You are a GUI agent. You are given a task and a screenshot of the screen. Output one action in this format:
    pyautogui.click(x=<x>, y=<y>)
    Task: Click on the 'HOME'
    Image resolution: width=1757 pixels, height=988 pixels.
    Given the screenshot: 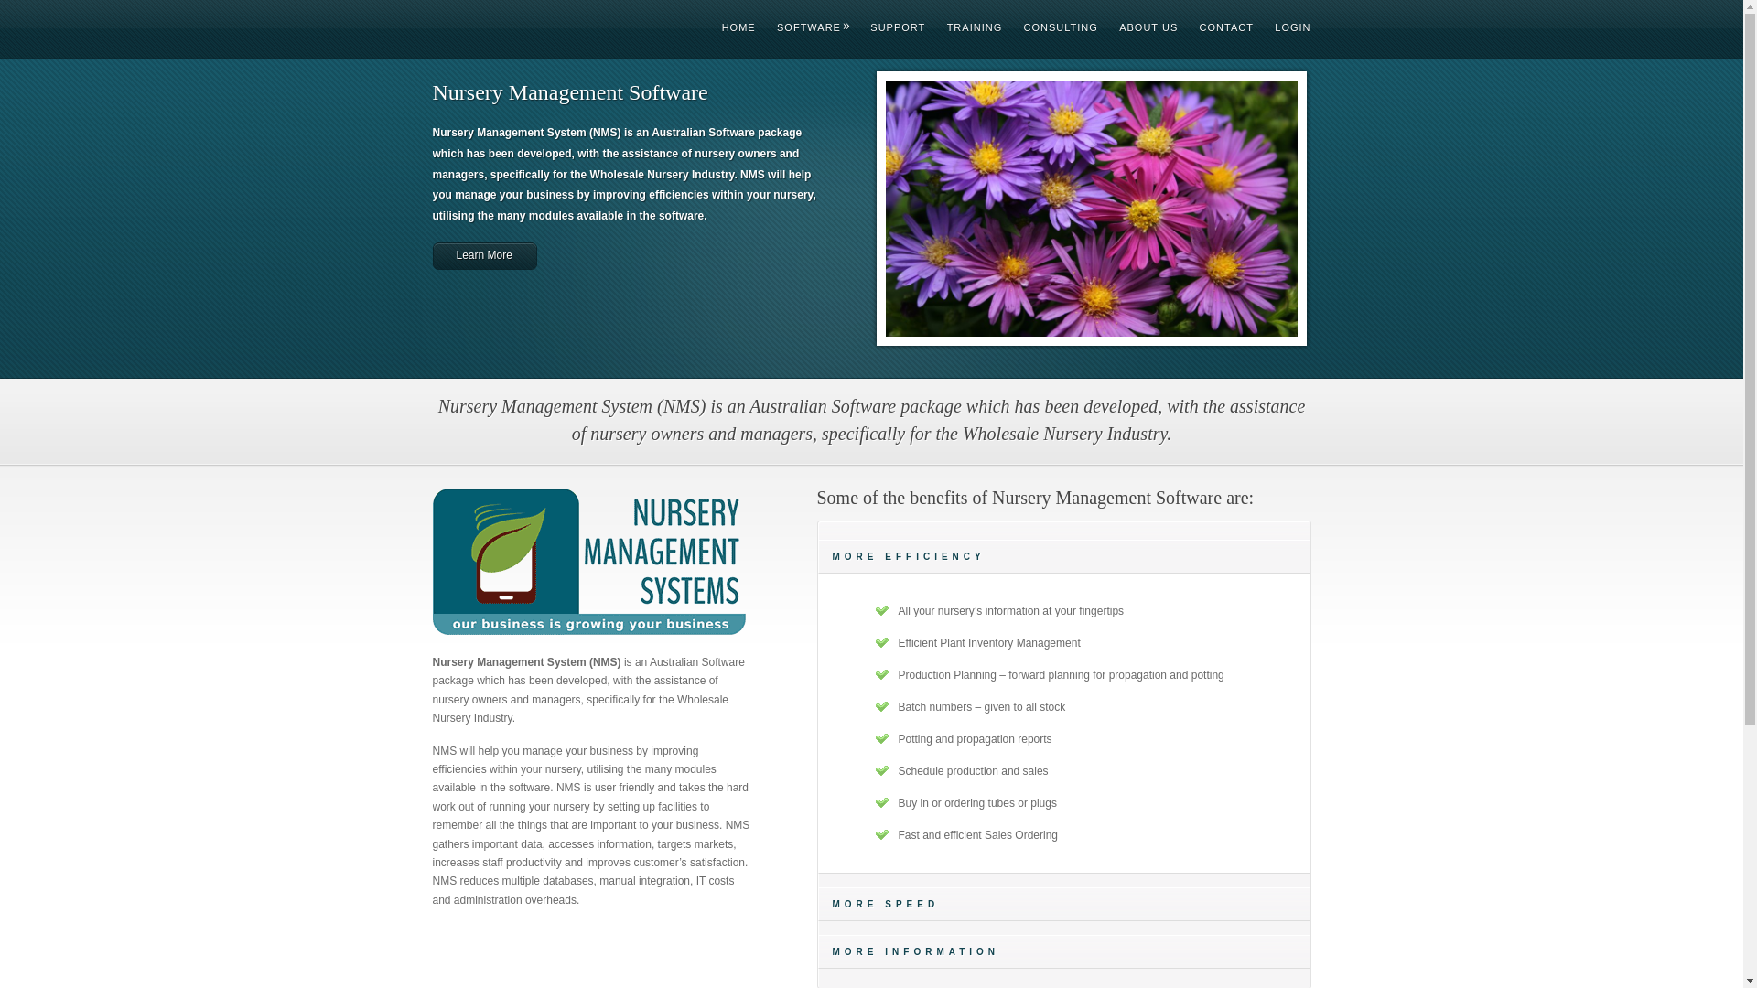 What is the action you would take?
    pyautogui.click(x=728, y=27)
    